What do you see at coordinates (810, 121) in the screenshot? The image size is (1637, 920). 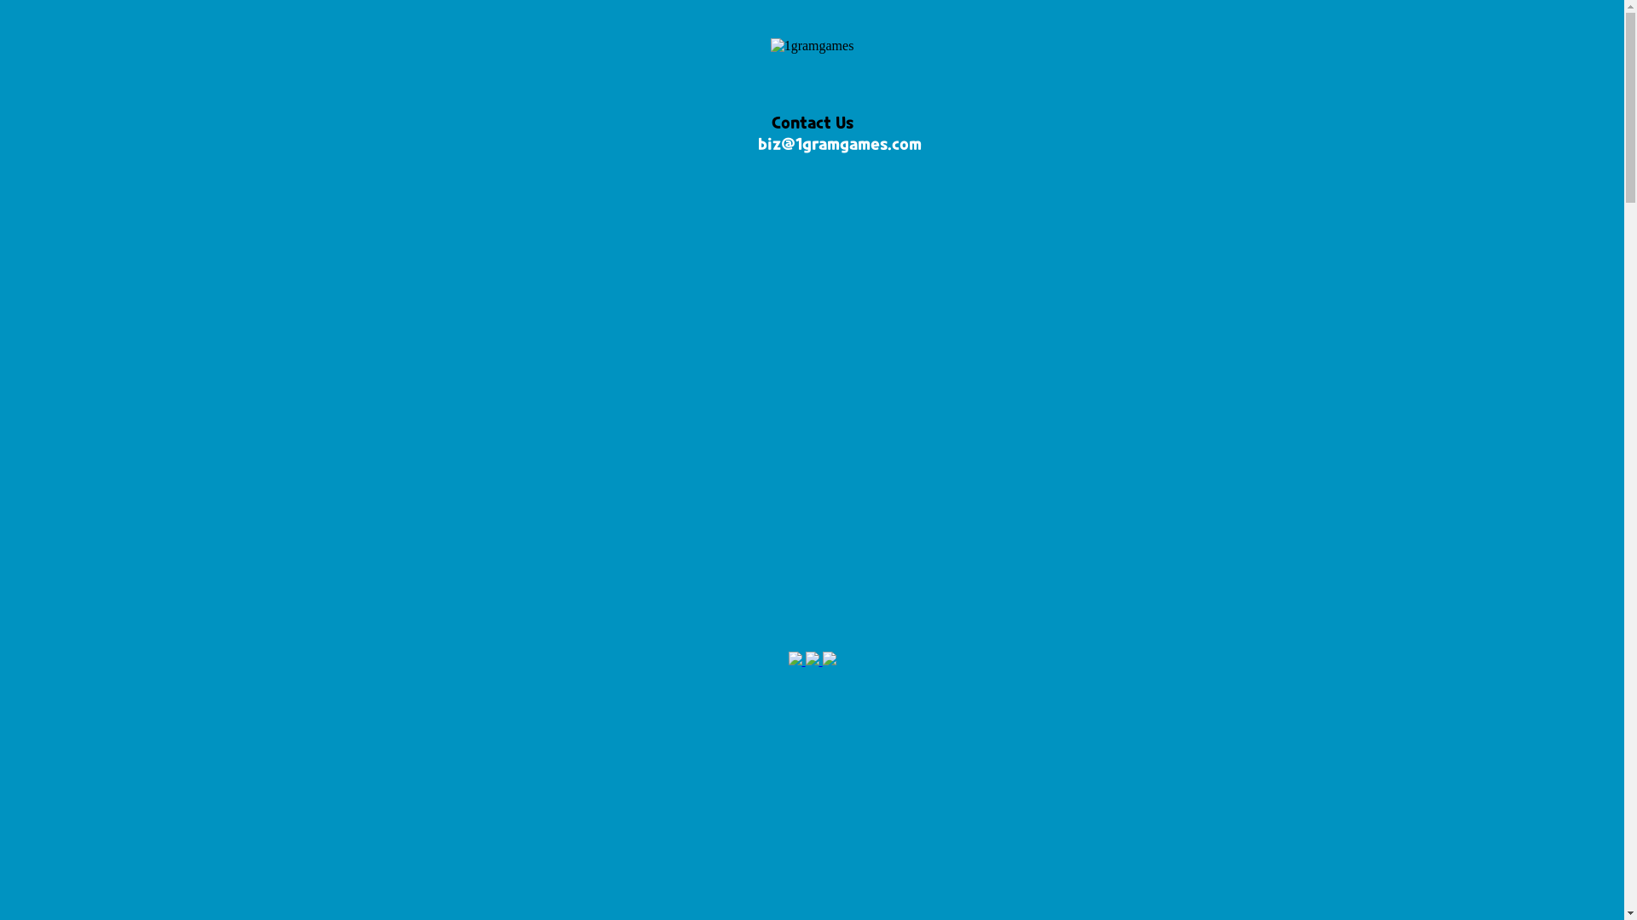 I see `'Contact Us'` at bounding box center [810, 121].